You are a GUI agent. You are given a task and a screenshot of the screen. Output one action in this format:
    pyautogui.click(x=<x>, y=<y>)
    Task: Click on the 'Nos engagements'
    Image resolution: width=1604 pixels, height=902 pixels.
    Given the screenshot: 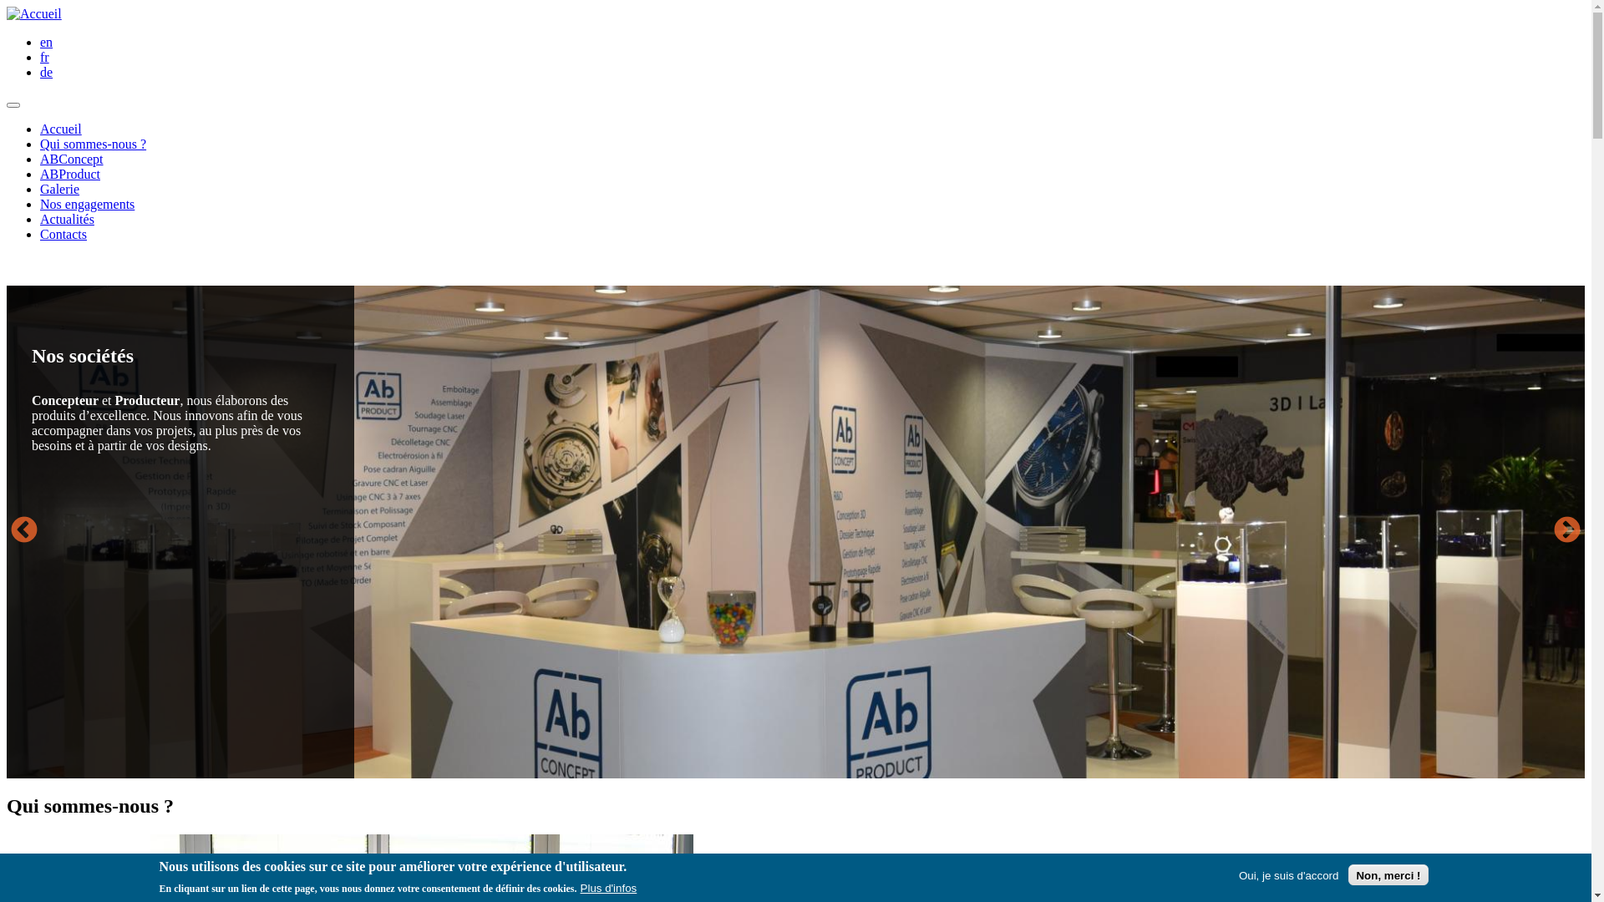 What is the action you would take?
    pyautogui.click(x=86, y=203)
    